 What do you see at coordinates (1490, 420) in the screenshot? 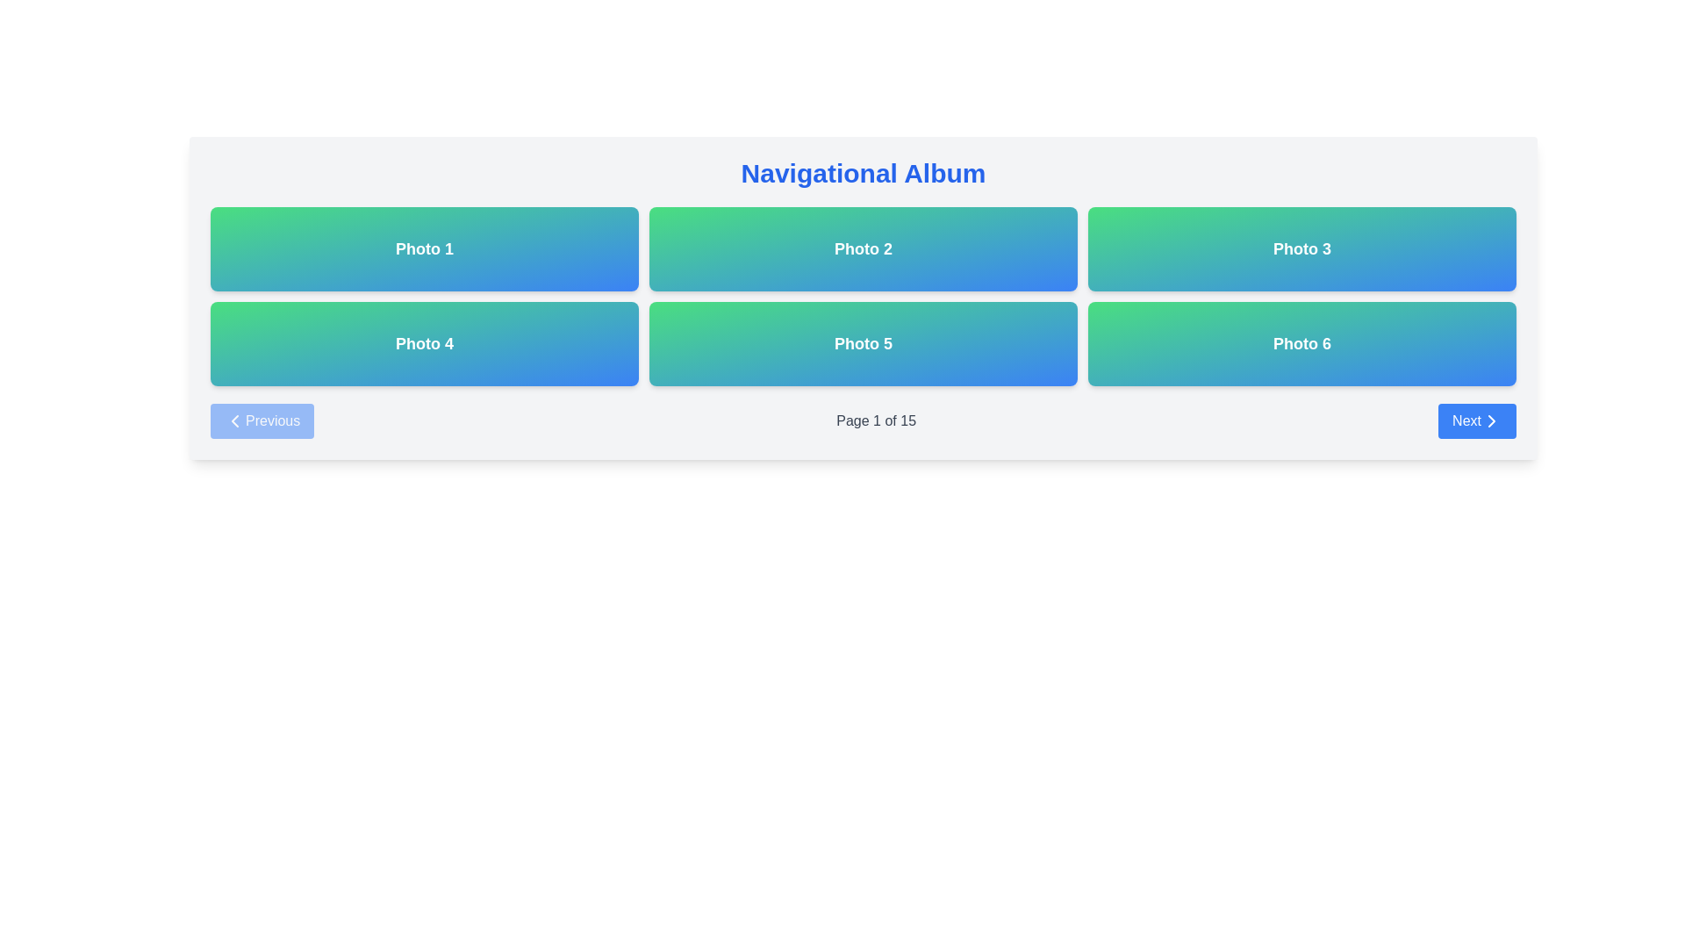
I see `the right-pointing arrow icon within the blue 'Next' button` at bounding box center [1490, 420].